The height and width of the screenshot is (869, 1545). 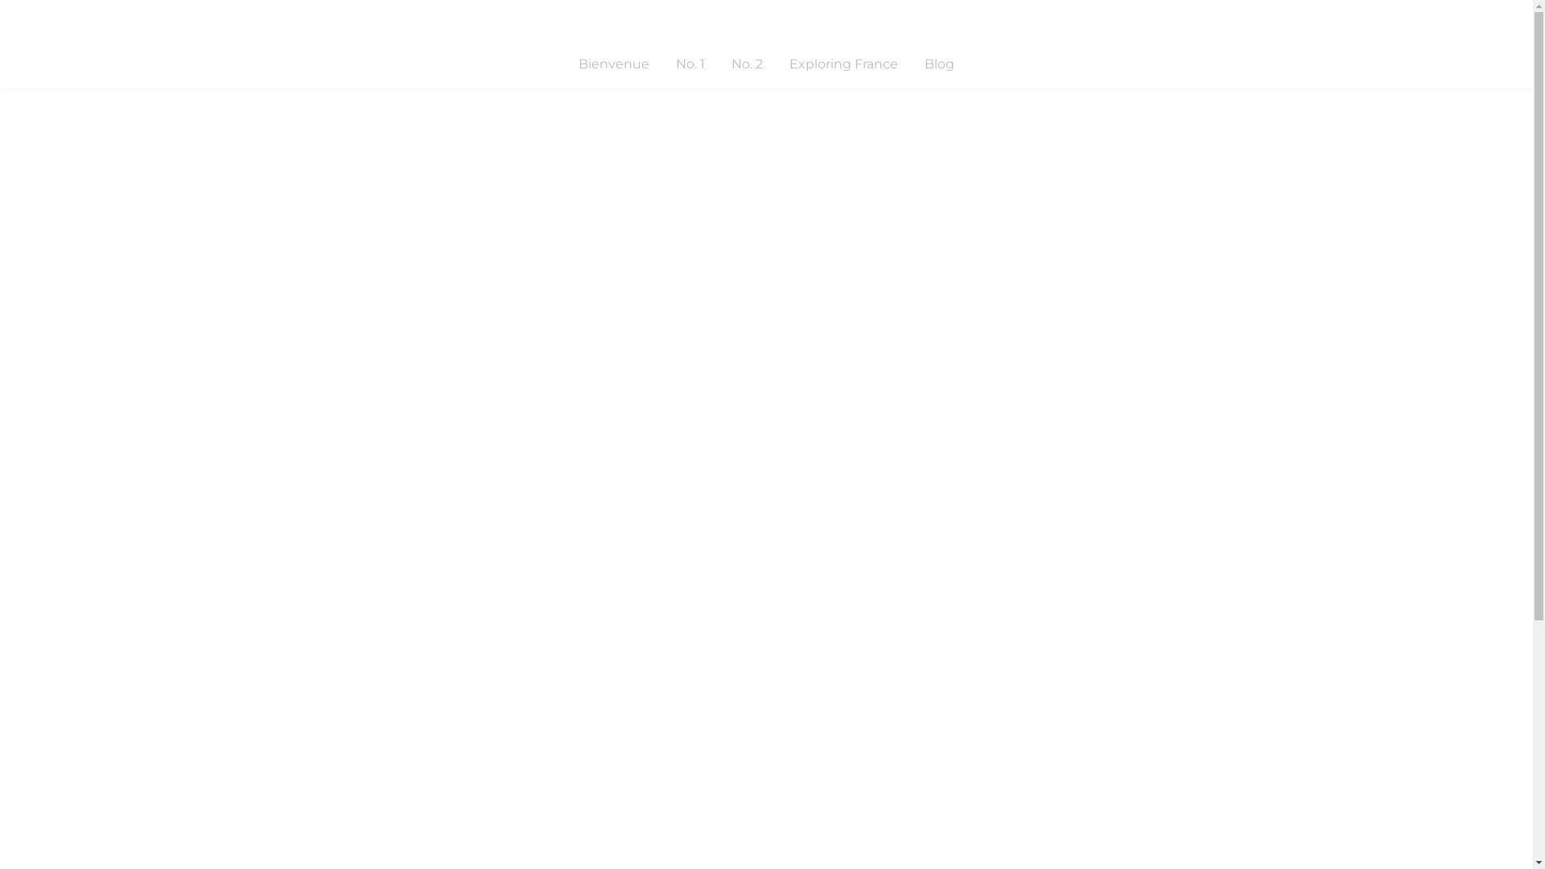 What do you see at coordinates (843, 64) in the screenshot?
I see `'Exploring France'` at bounding box center [843, 64].